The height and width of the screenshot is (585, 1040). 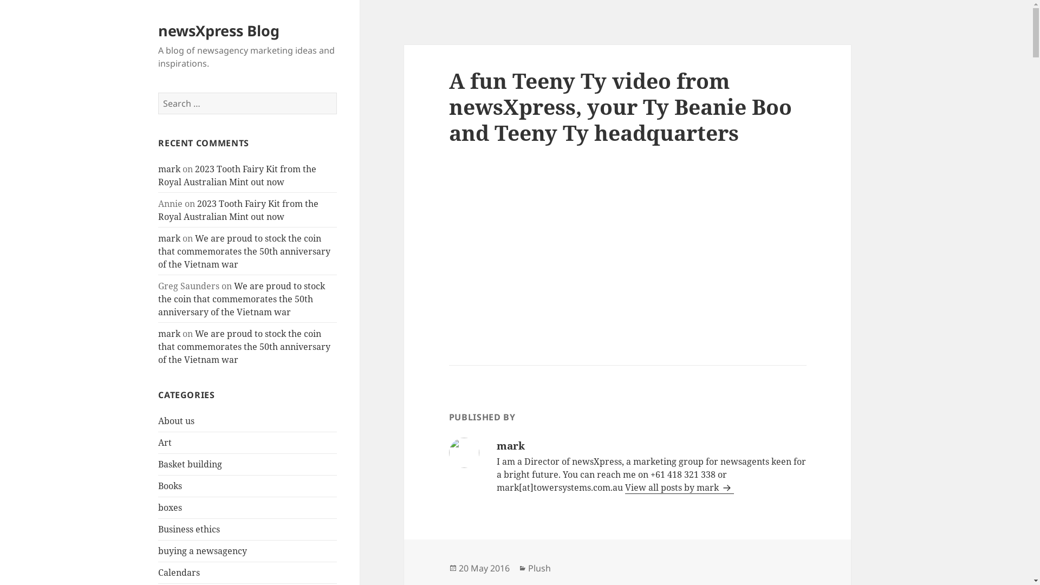 I want to click on 'mark', so click(x=158, y=237).